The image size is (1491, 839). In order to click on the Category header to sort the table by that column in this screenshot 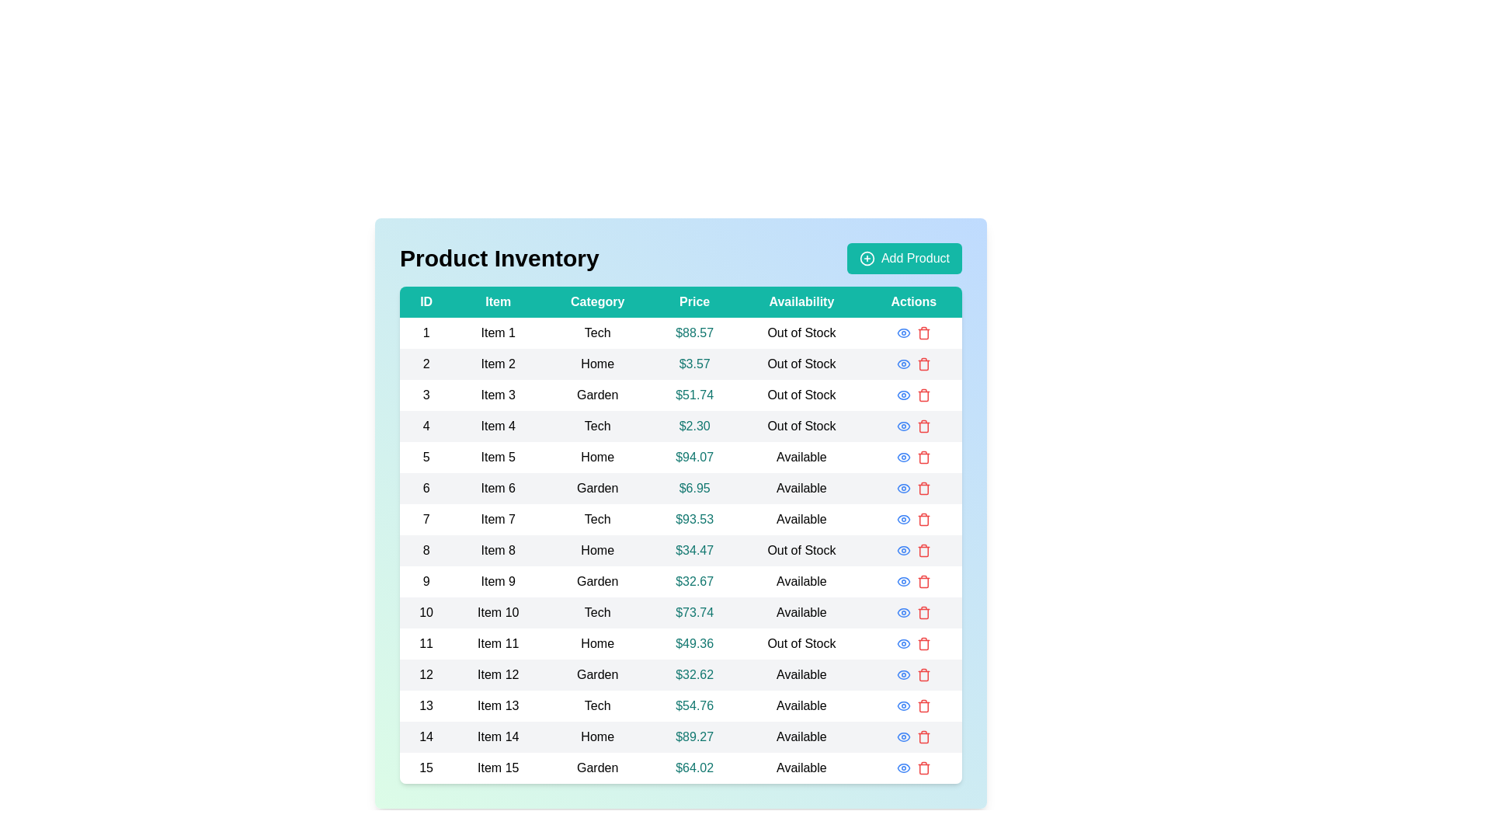, I will do `click(596, 302)`.